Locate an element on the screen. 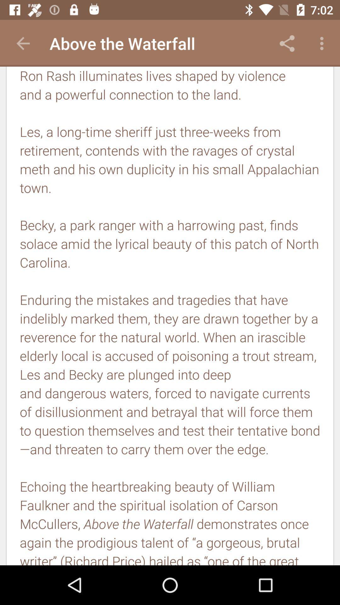 The height and width of the screenshot is (605, 340). the app next to the above the waterfall icon is located at coordinates (23, 43).